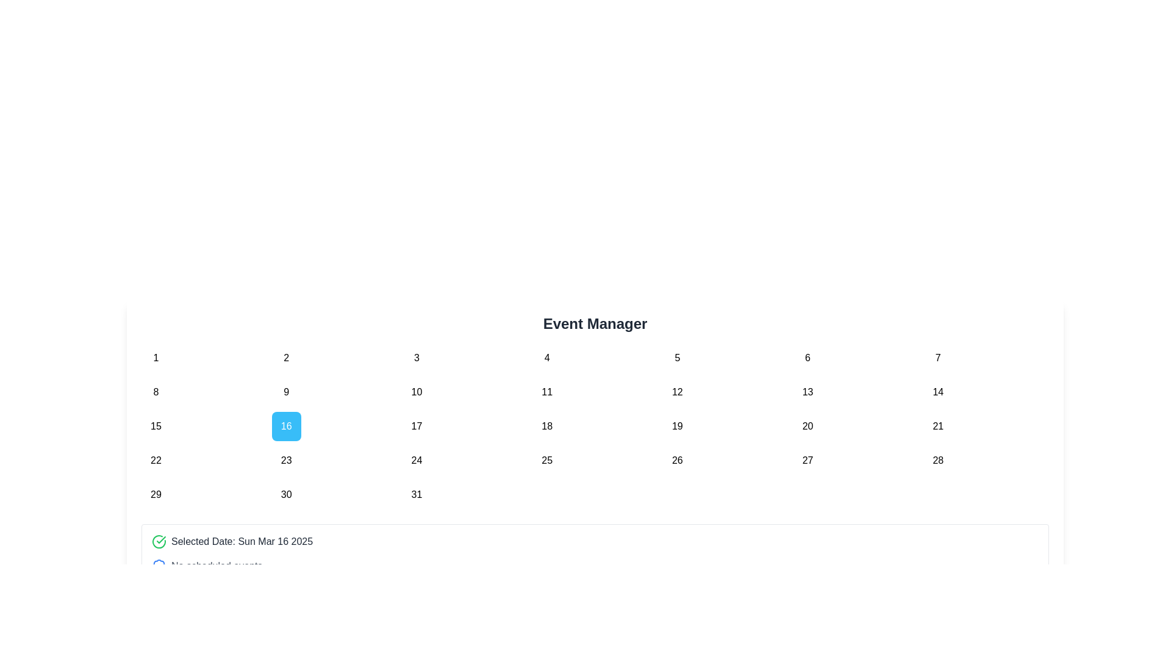 The width and height of the screenshot is (1171, 659). Describe the element at coordinates (808, 461) in the screenshot. I see `the circular button displaying the number '27'` at that location.